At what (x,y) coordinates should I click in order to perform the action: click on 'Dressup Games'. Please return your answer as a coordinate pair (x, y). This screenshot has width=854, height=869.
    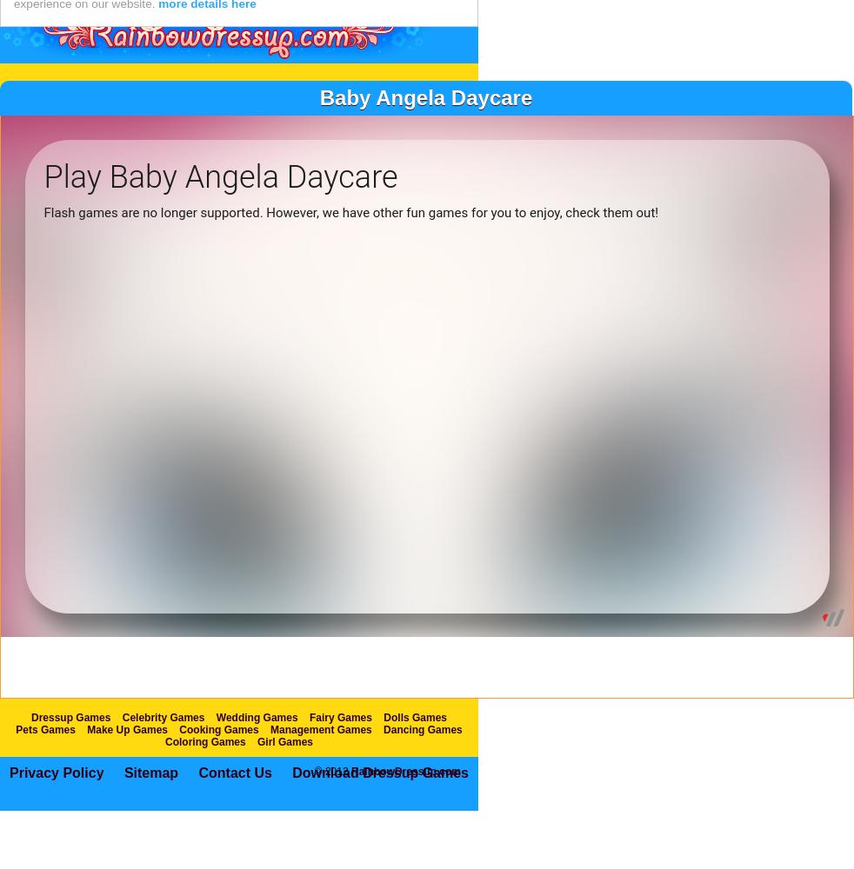
    Looking at the image, I should click on (29, 753).